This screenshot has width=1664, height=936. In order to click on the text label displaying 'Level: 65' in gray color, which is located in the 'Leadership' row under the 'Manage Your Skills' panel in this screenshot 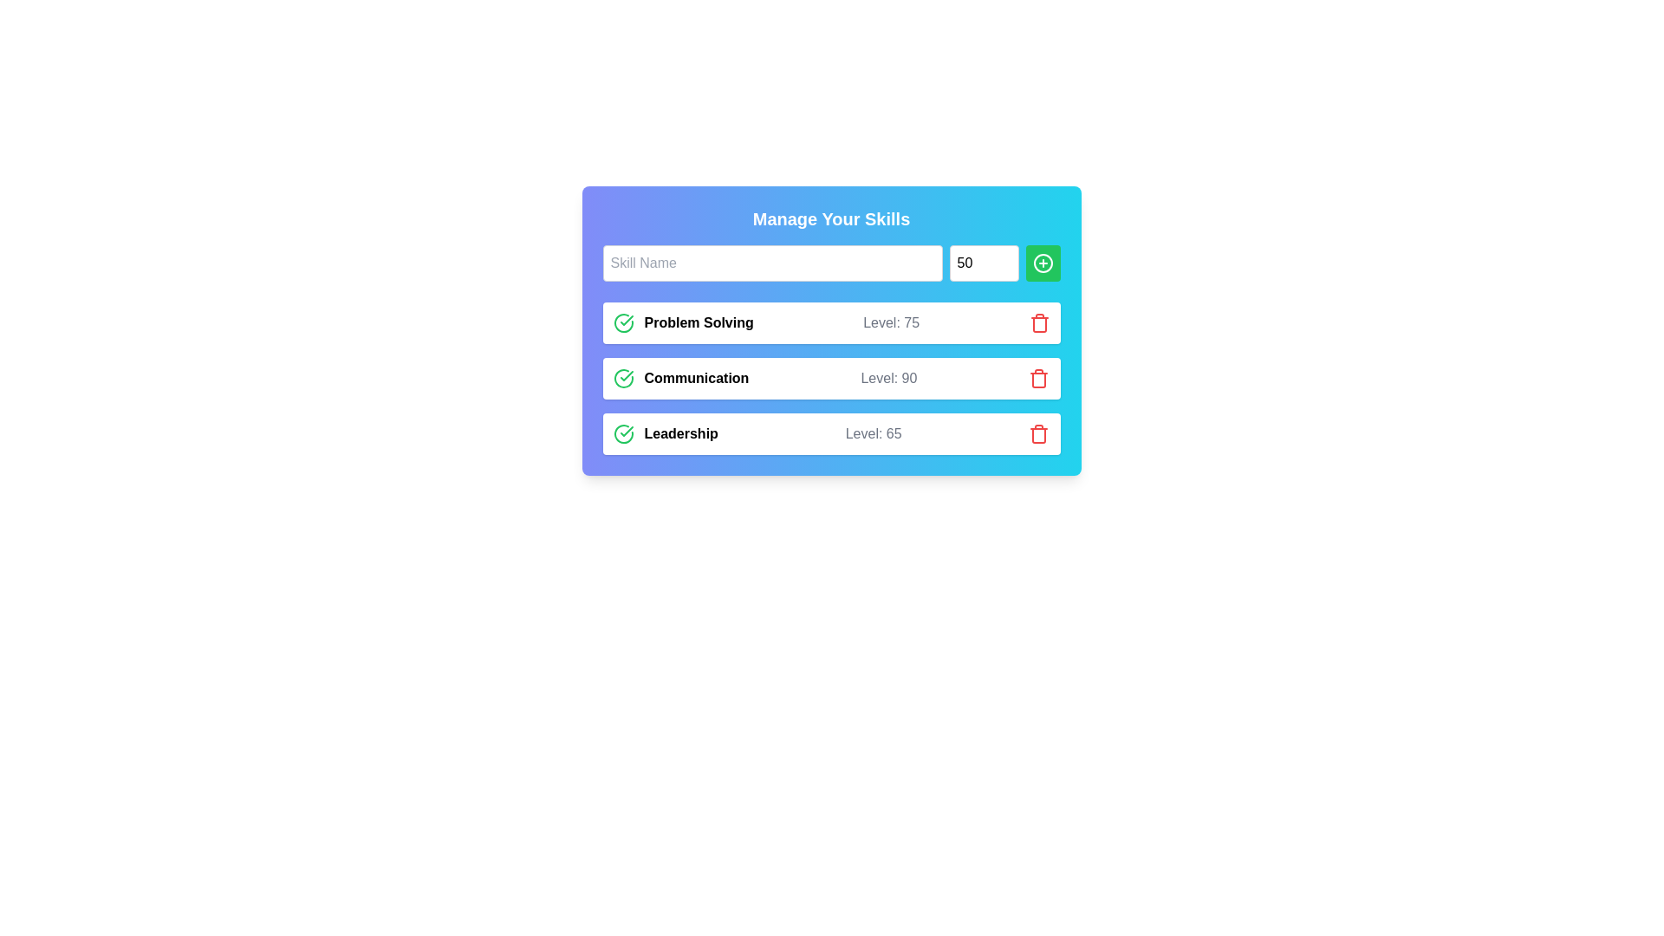, I will do `click(874, 433)`.